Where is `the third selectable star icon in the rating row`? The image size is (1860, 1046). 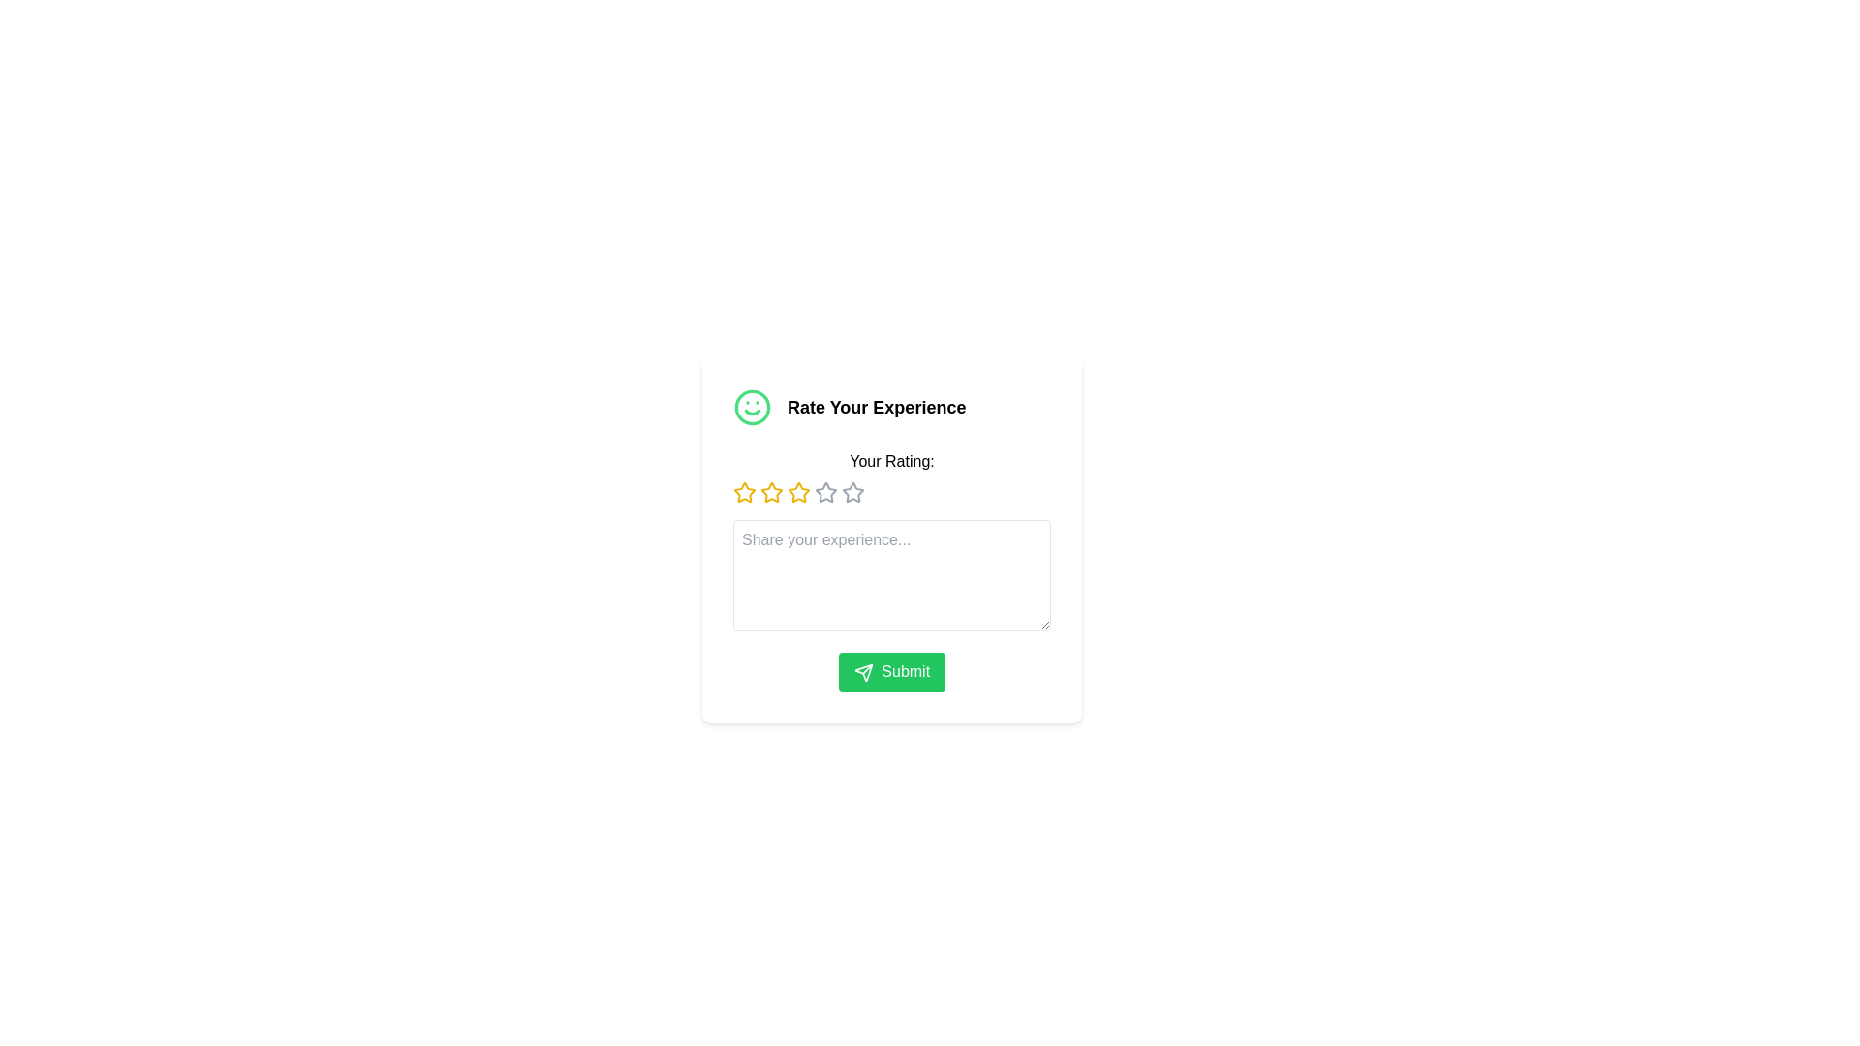 the third selectable star icon in the rating row is located at coordinates (770, 492).